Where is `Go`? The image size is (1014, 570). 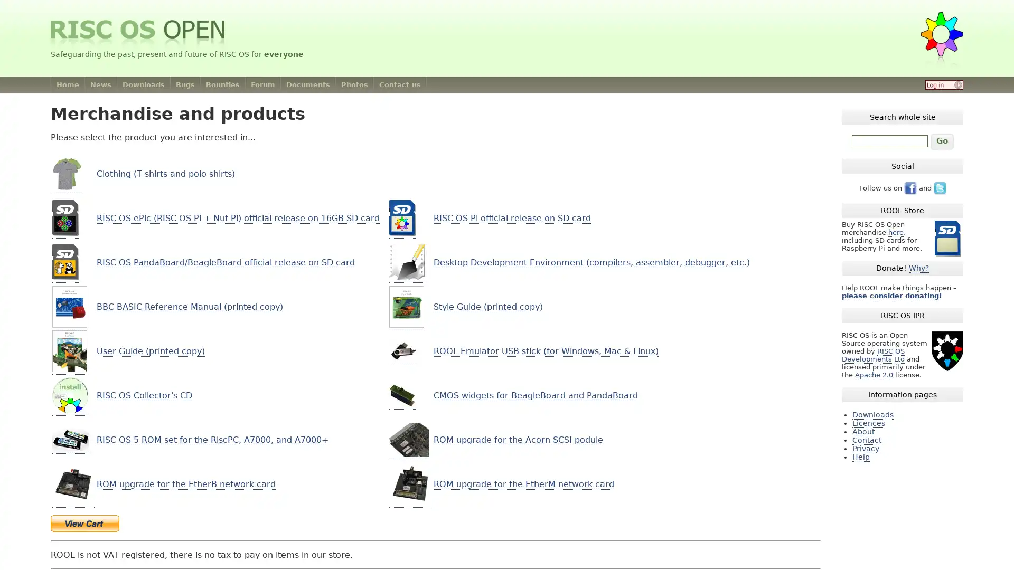
Go is located at coordinates (941, 140).